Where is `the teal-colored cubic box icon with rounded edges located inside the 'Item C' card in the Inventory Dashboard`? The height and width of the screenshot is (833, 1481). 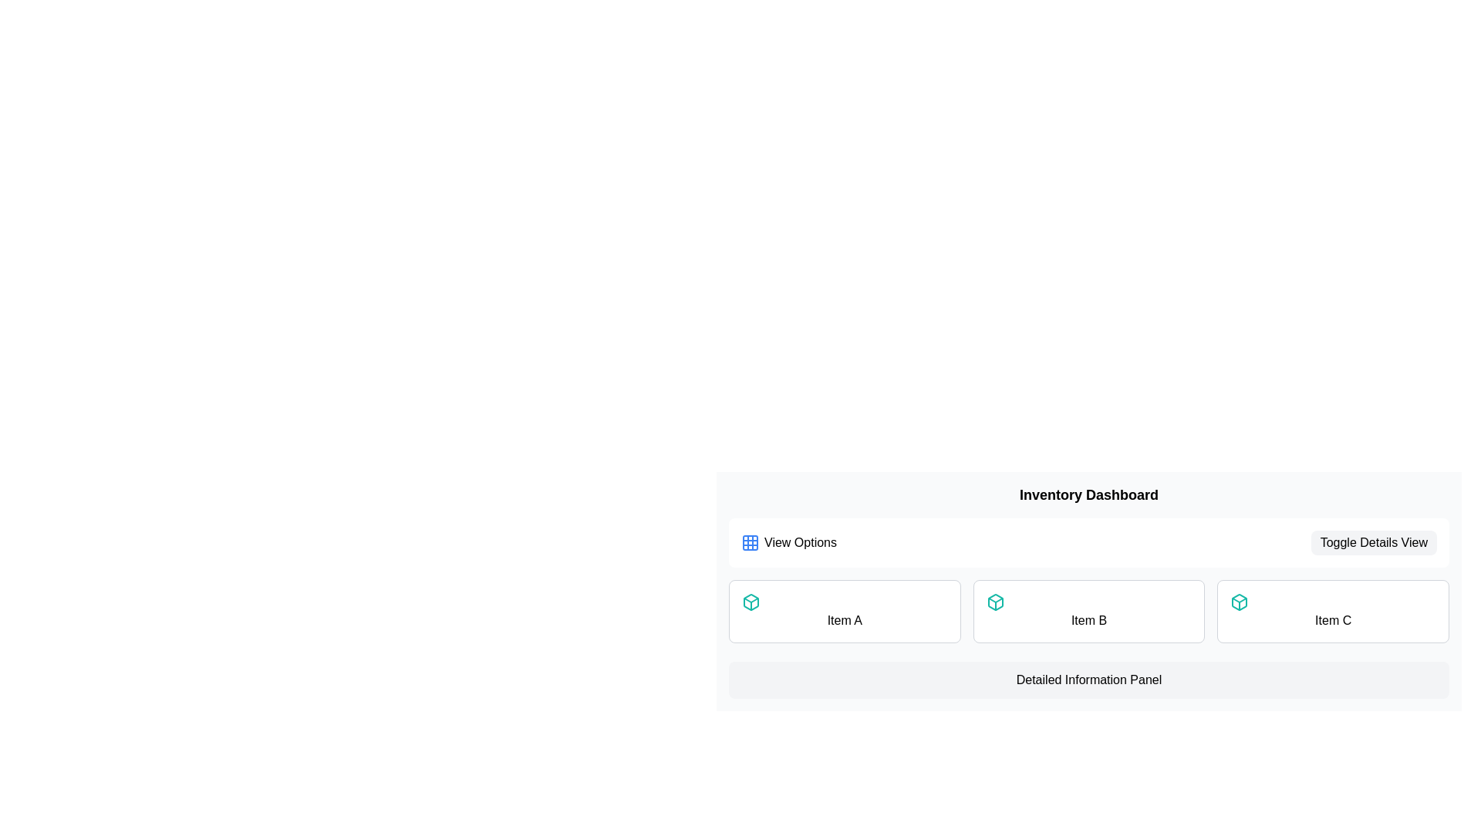
the teal-colored cubic box icon with rounded edges located inside the 'Item C' card in the Inventory Dashboard is located at coordinates (1240, 601).